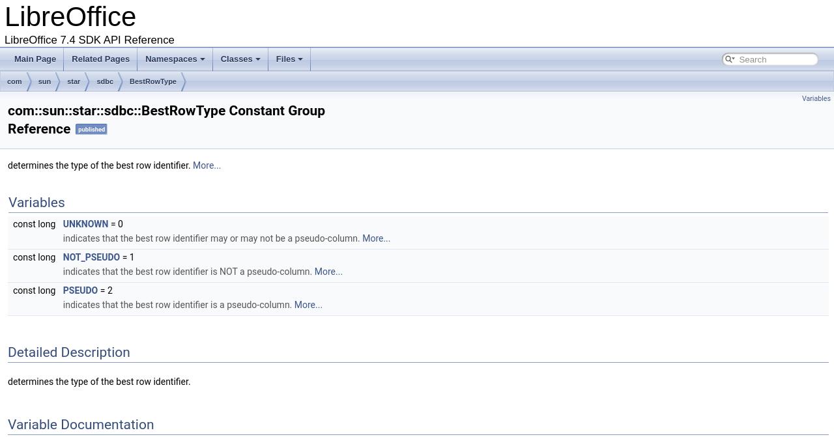 Image resolution: width=834 pixels, height=437 pixels. I want to click on 'indicates that the best row identifier is a pseudo-column.', so click(177, 304).